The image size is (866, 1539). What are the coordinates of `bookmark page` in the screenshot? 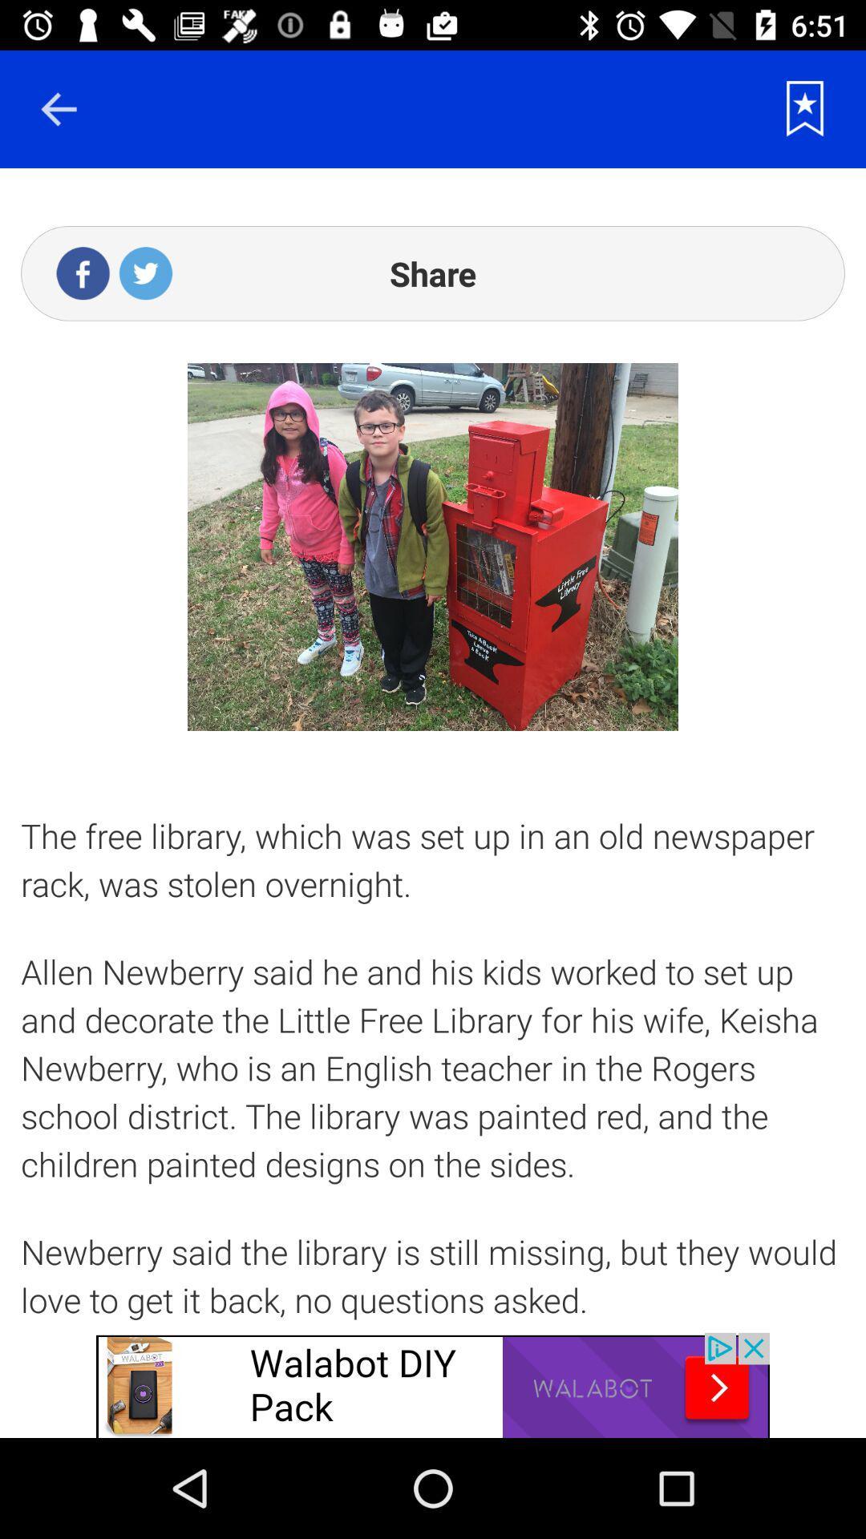 It's located at (805, 108).